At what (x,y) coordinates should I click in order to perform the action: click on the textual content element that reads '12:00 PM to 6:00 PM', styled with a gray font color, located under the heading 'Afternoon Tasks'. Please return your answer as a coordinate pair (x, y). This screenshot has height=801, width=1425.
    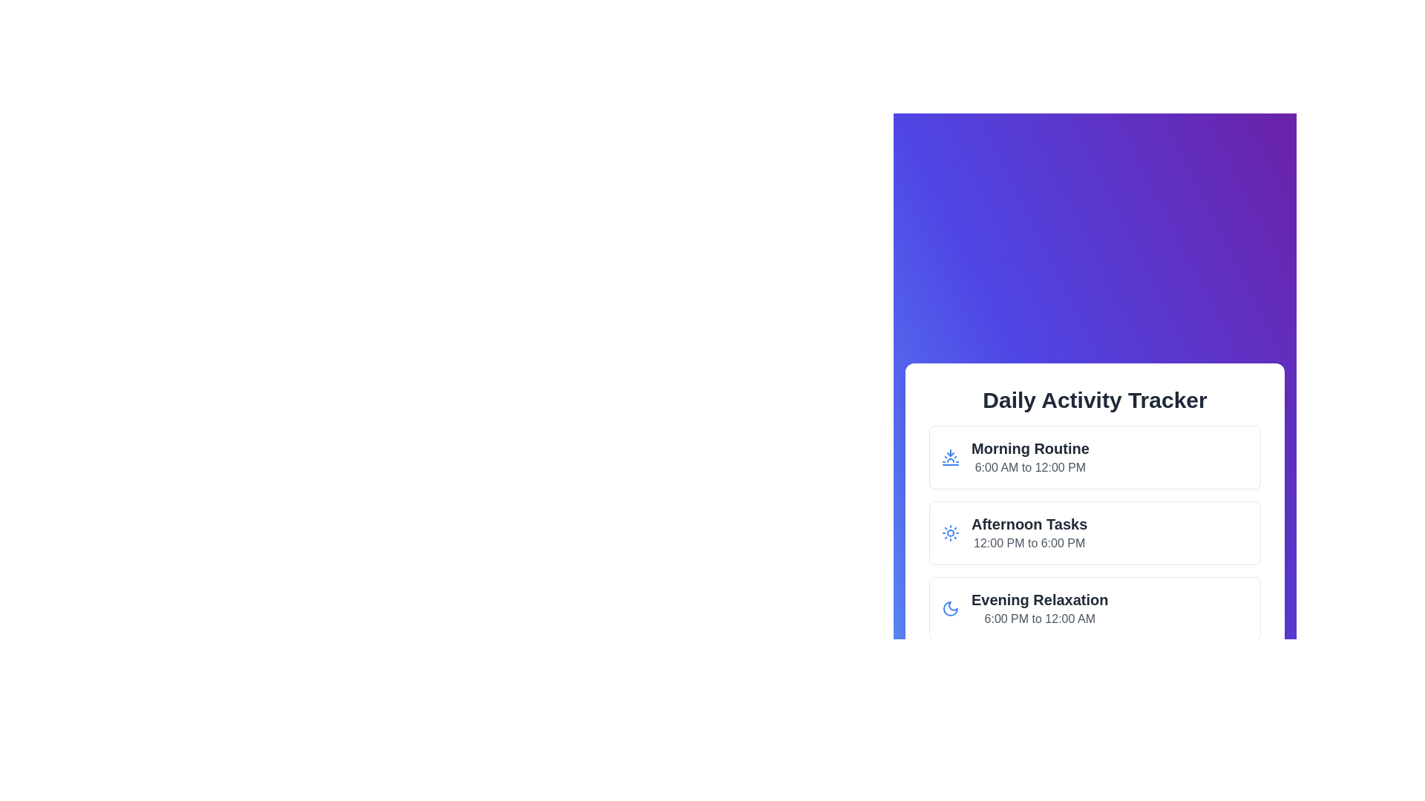
    Looking at the image, I should click on (1029, 543).